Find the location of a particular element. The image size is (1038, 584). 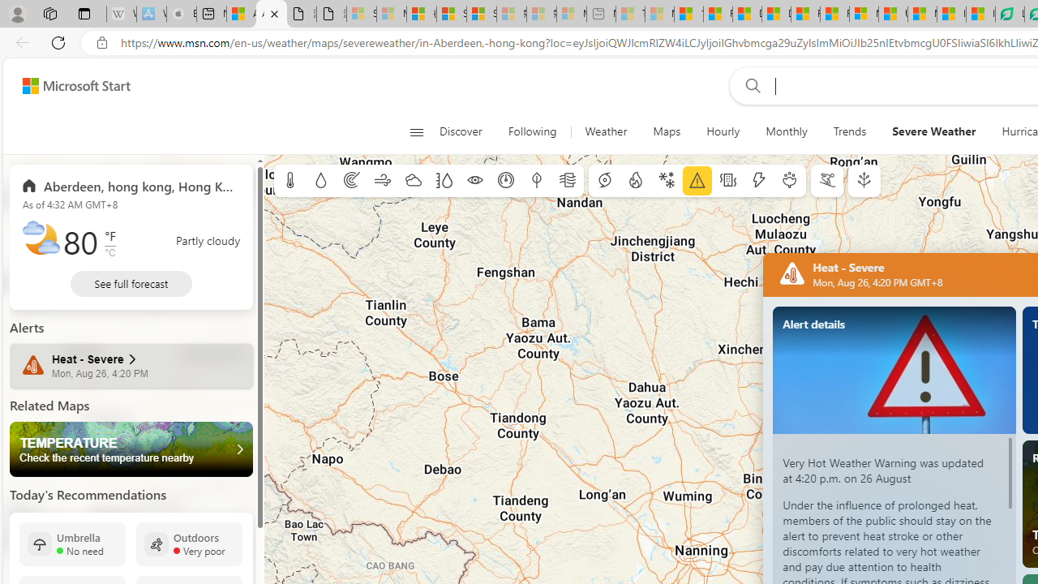

'Class: button-glyph' is located at coordinates (416, 131).